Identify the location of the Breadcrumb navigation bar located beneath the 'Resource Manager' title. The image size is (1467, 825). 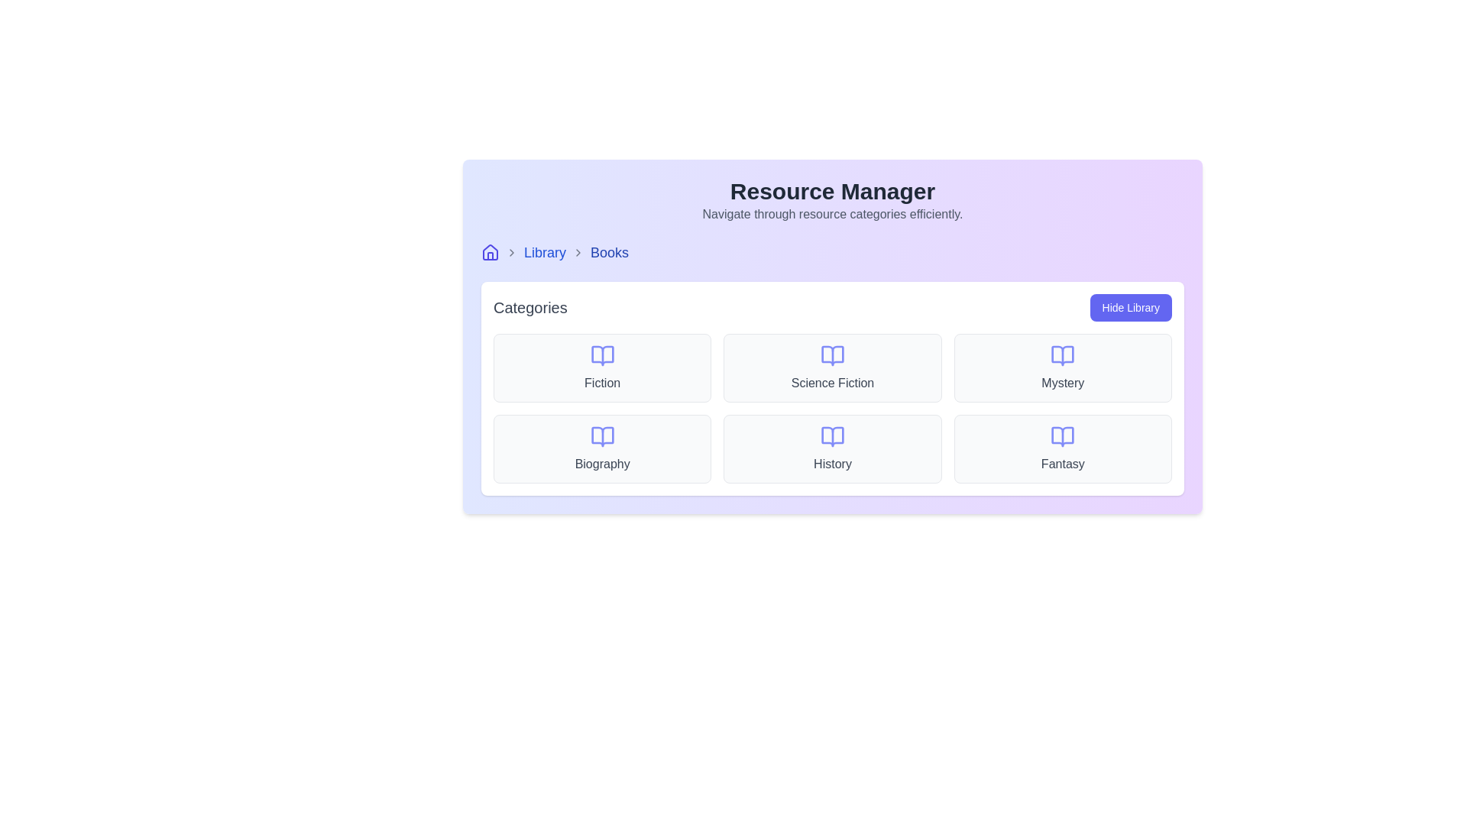
(831, 252).